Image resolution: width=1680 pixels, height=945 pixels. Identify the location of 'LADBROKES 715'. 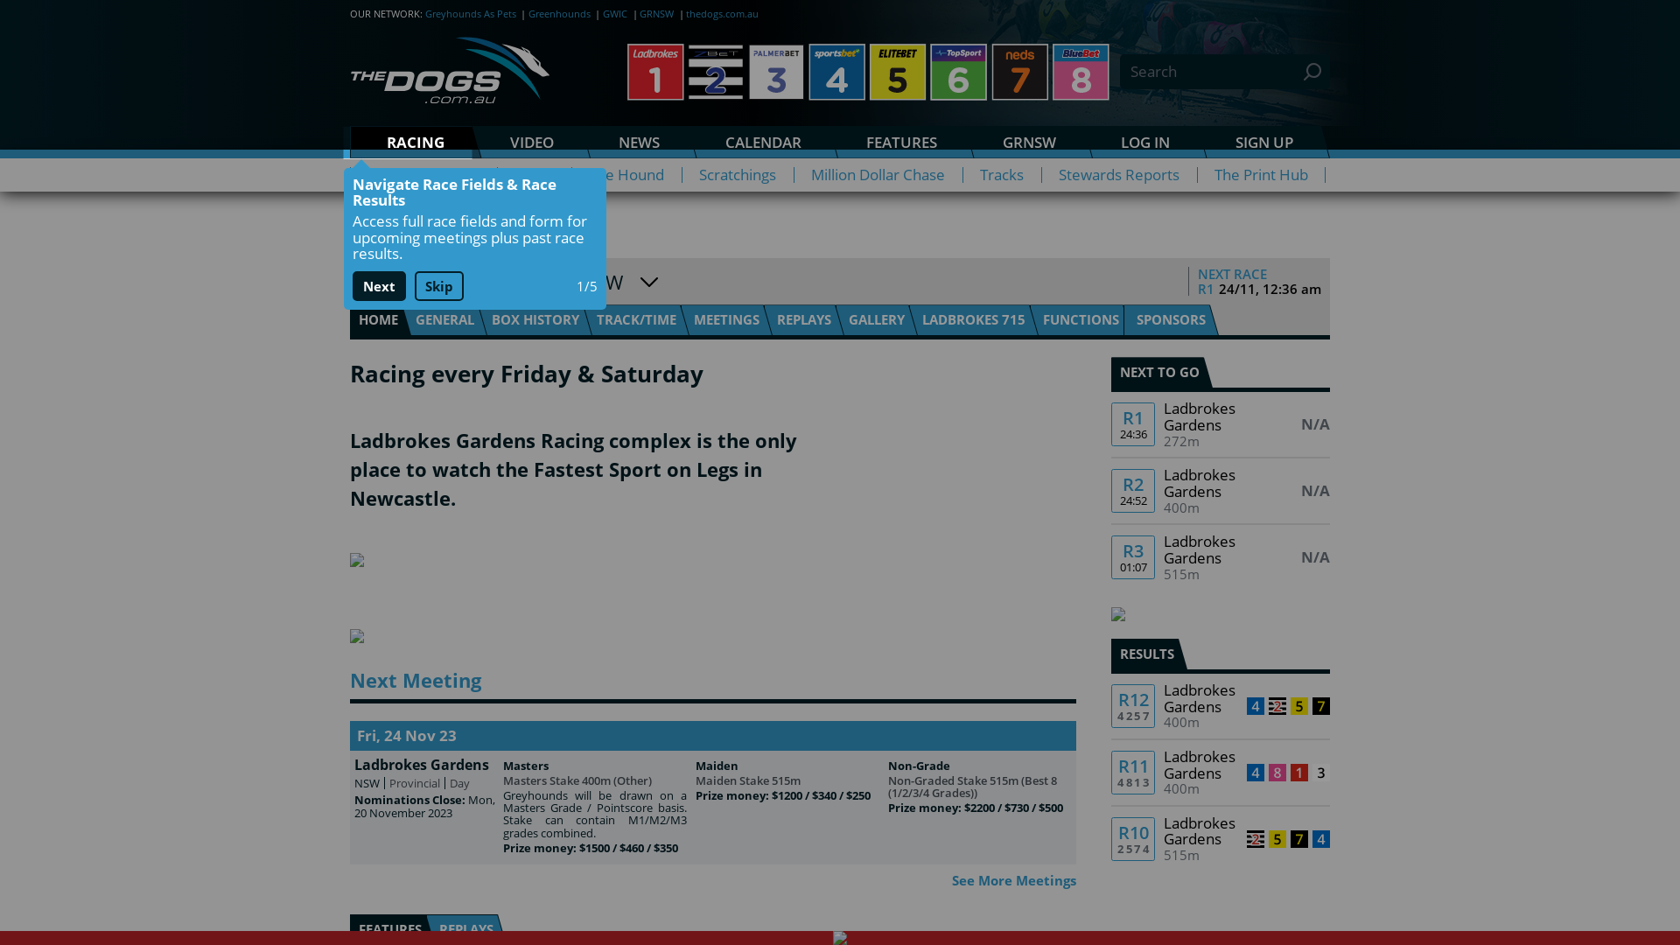
(973, 319).